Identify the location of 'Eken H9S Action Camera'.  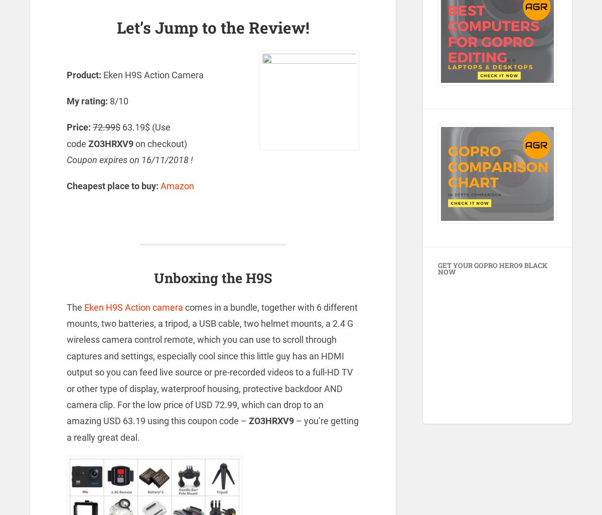
(153, 74).